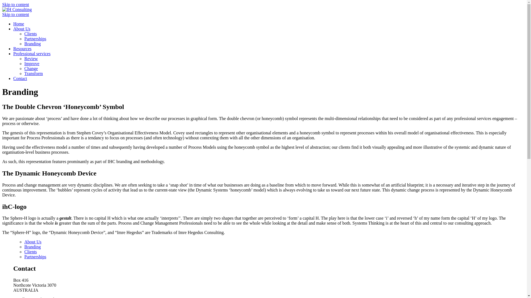 The height and width of the screenshot is (298, 531). What do you see at coordinates (22, 29) in the screenshot?
I see `'About Us'` at bounding box center [22, 29].